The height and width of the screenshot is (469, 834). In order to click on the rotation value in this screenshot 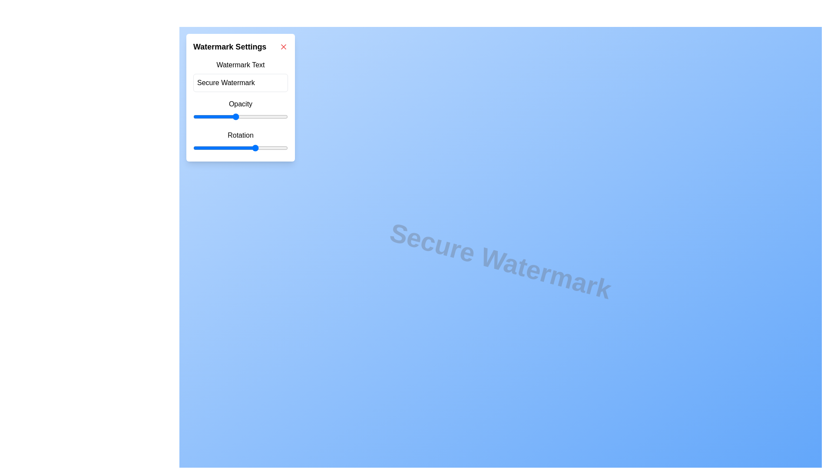, I will do `click(279, 147)`.